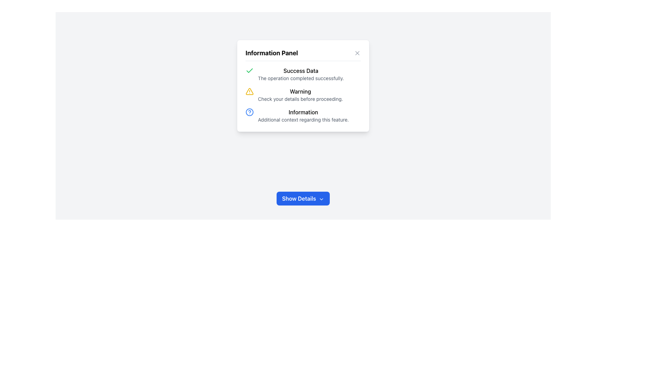 The image size is (663, 373). What do you see at coordinates (303, 95) in the screenshot?
I see `the static informational text block displaying categorized feedback messages in the 'Information Panel' dialog box, located near the center of the panel` at bounding box center [303, 95].